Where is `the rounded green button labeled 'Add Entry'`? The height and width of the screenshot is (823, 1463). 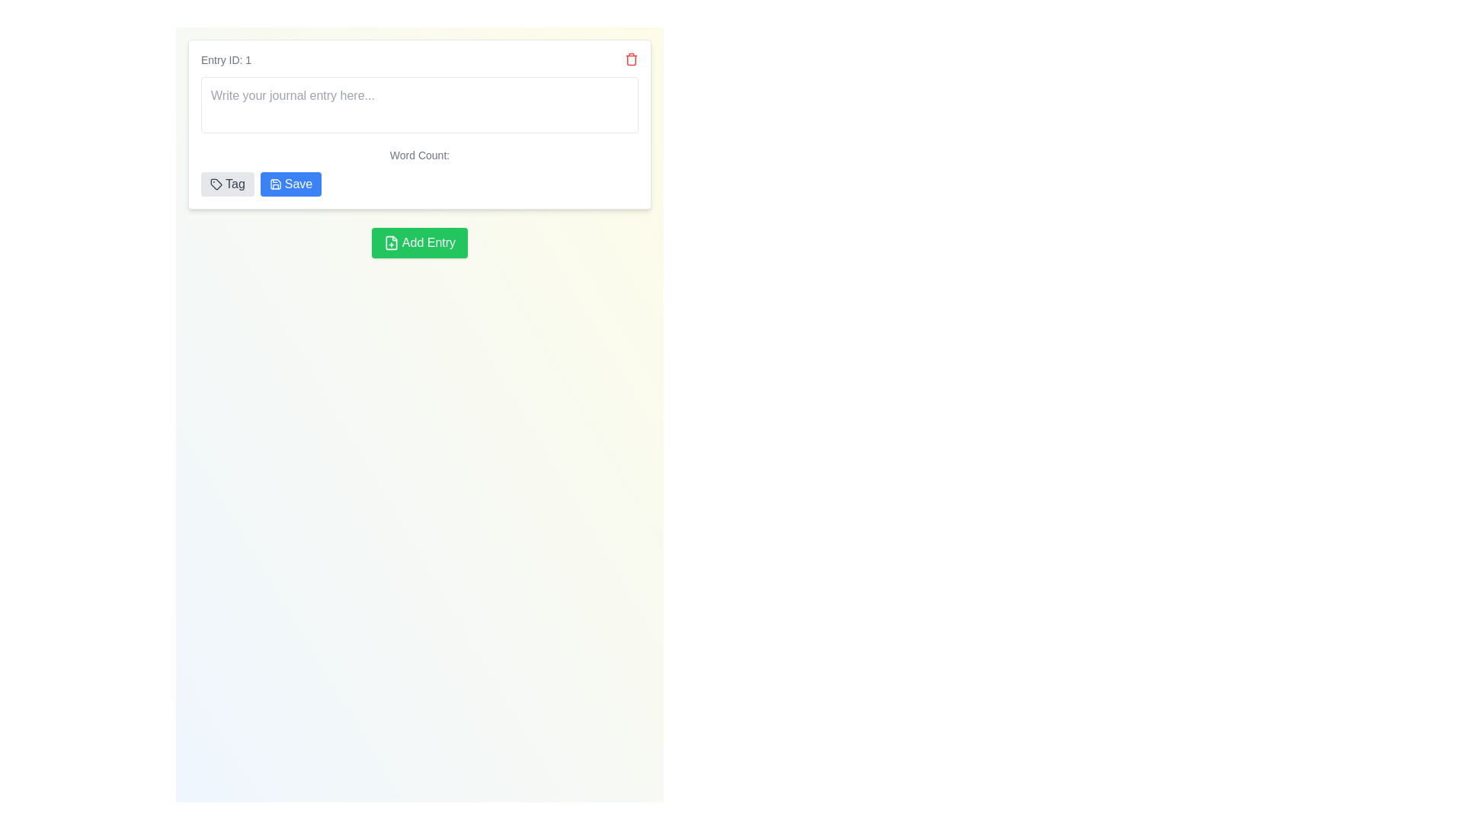 the rounded green button labeled 'Add Entry' is located at coordinates (420, 242).